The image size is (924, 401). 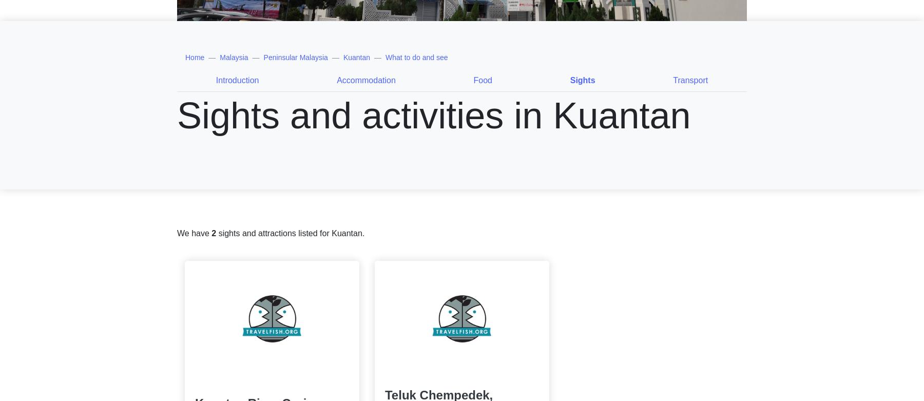 What do you see at coordinates (195, 57) in the screenshot?
I see `'Home'` at bounding box center [195, 57].